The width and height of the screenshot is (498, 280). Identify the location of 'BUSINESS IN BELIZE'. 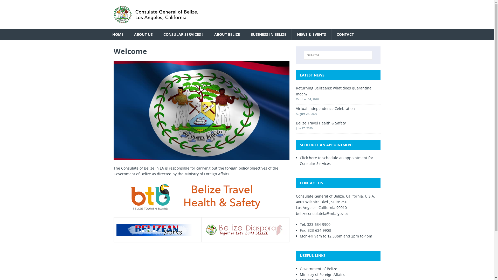
(268, 34).